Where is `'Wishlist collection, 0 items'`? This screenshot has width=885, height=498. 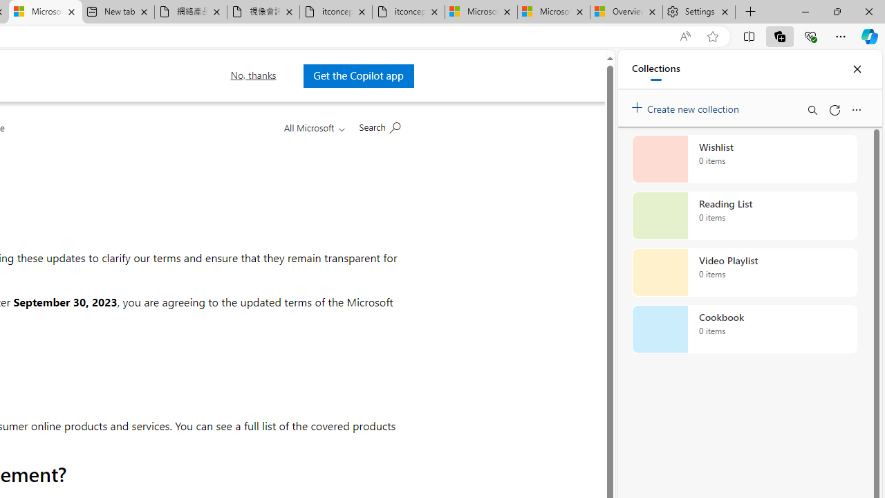 'Wishlist collection, 0 items' is located at coordinates (744, 158).